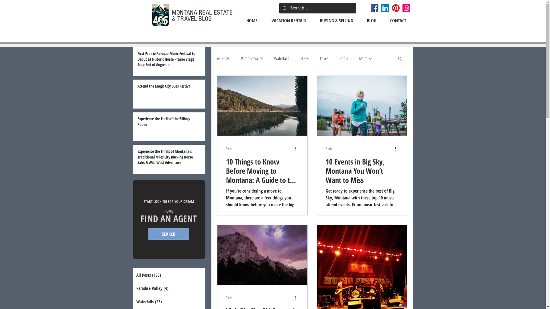 The width and height of the screenshot is (550, 309). What do you see at coordinates (398, 20) in the screenshot?
I see `'CONTACT'` at bounding box center [398, 20].